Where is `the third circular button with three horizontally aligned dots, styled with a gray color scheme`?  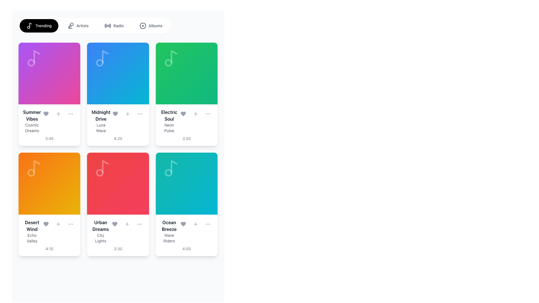
the third circular button with three horizontally aligned dots, styled with a gray color scheme is located at coordinates (70, 114).